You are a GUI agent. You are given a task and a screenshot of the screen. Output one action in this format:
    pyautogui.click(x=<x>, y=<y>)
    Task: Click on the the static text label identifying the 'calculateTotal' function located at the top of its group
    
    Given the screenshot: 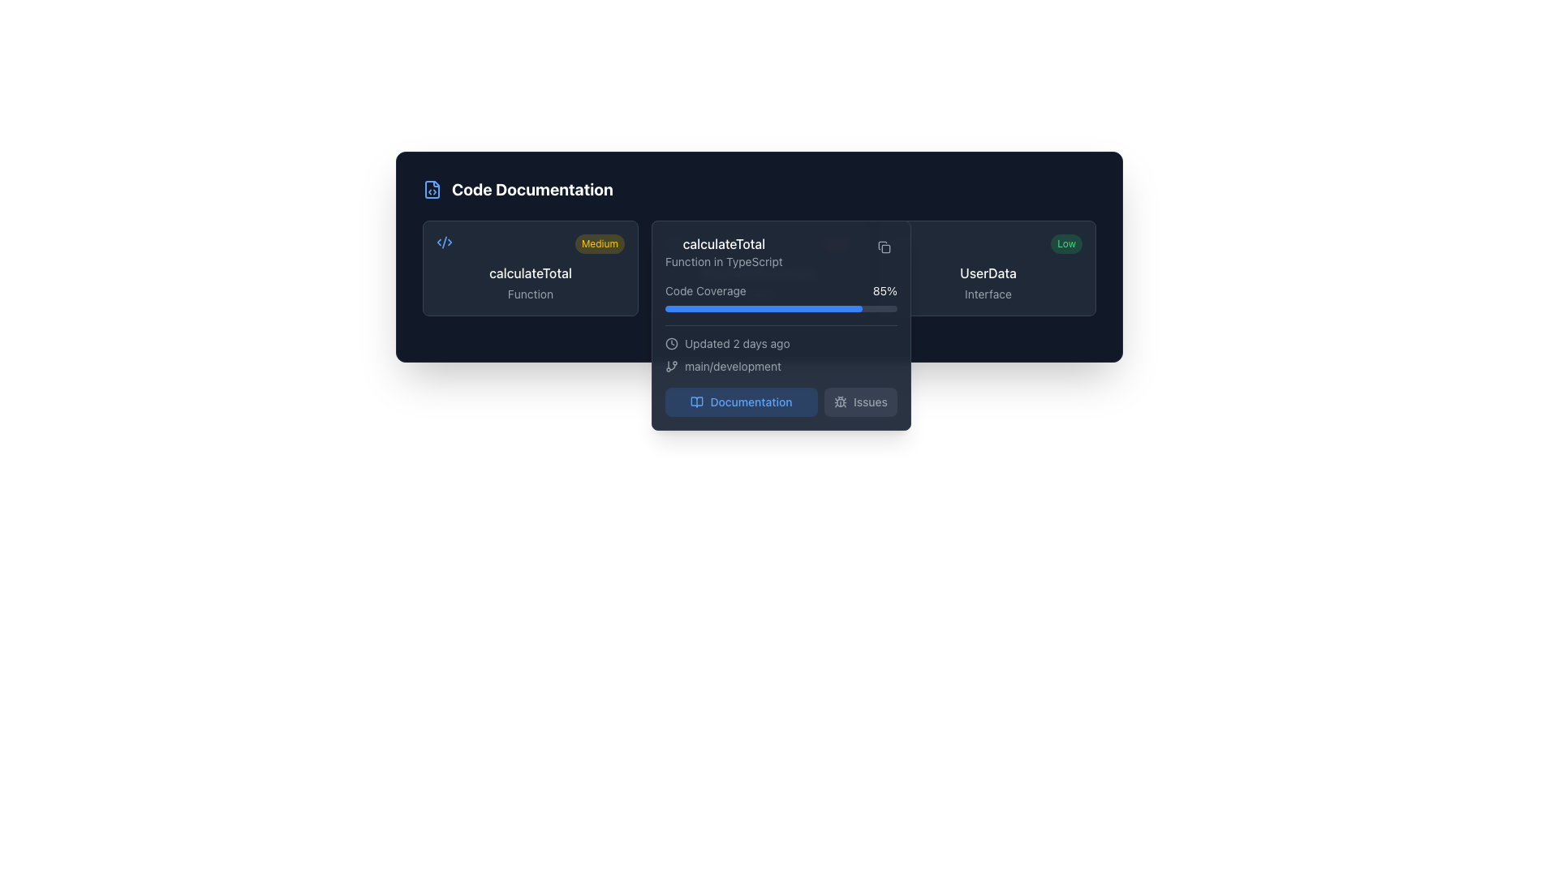 What is the action you would take?
    pyautogui.click(x=723, y=243)
    